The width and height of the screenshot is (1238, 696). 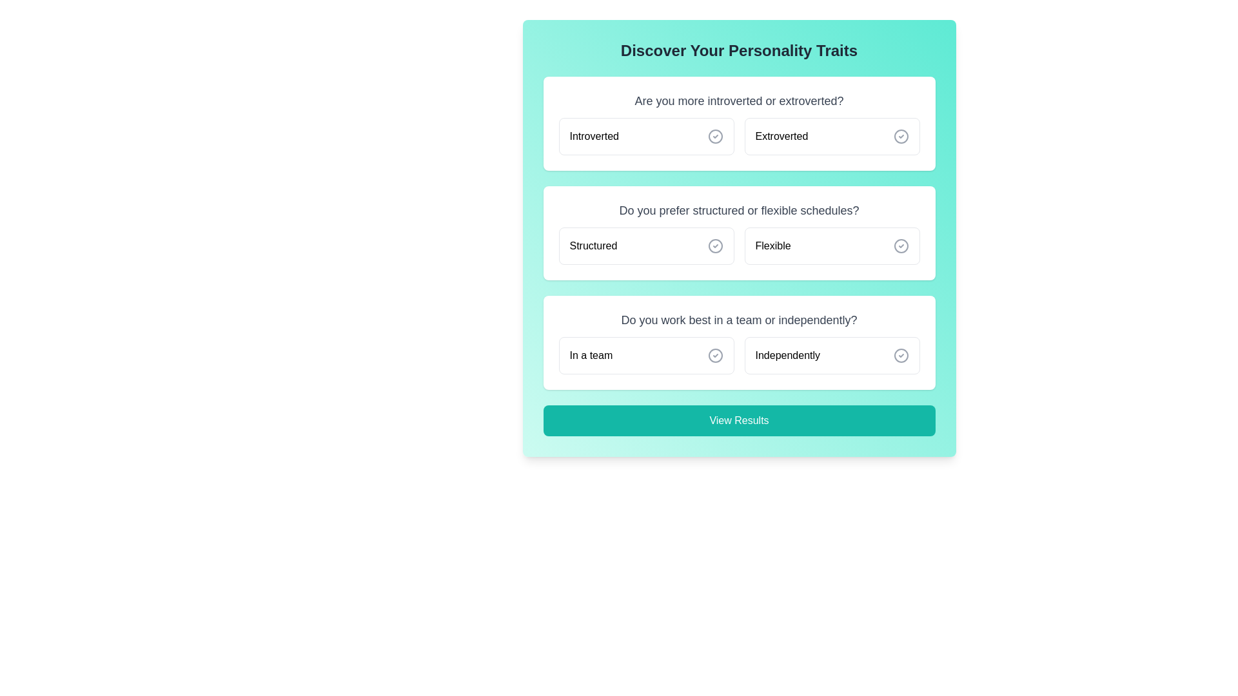 What do you see at coordinates (739, 137) in the screenshot?
I see `the 'Introverted' or 'Extroverted' option in the selection card group` at bounding box center [739, 137].